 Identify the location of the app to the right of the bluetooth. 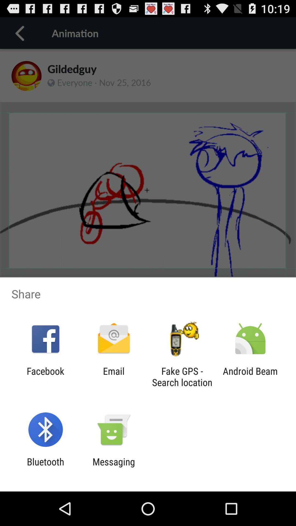
(113, 467).